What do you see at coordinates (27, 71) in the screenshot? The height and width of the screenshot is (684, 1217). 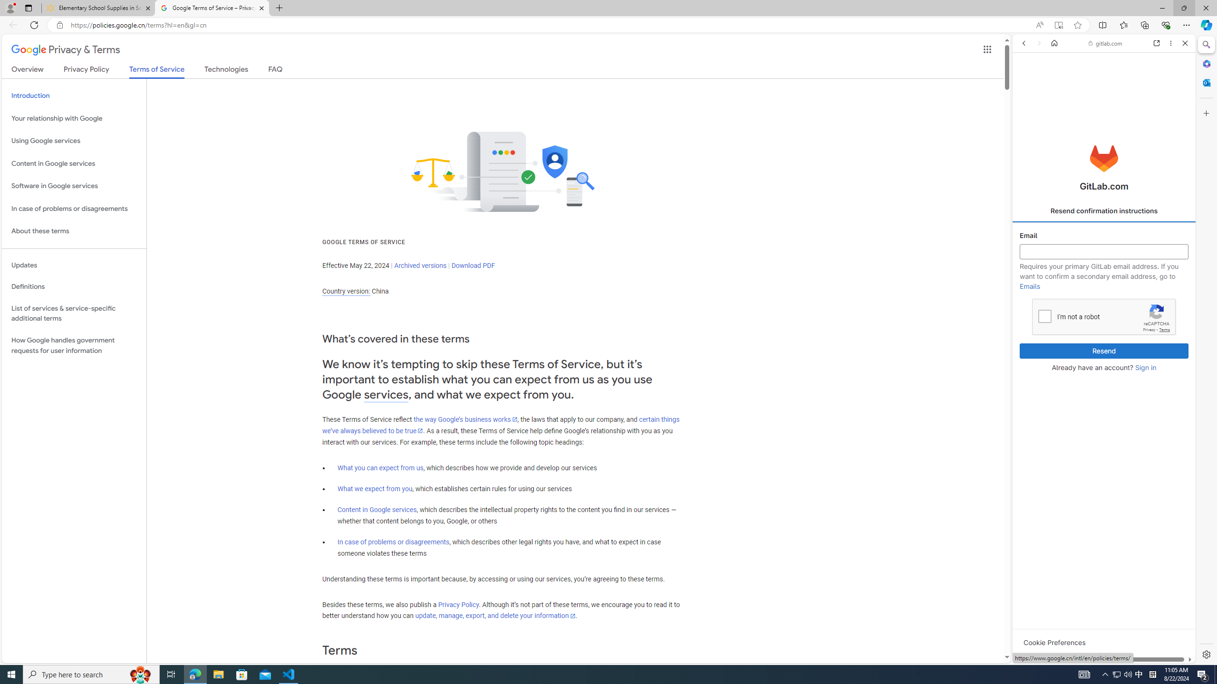 I see `'Overview'` at bounding box center [27, 71].